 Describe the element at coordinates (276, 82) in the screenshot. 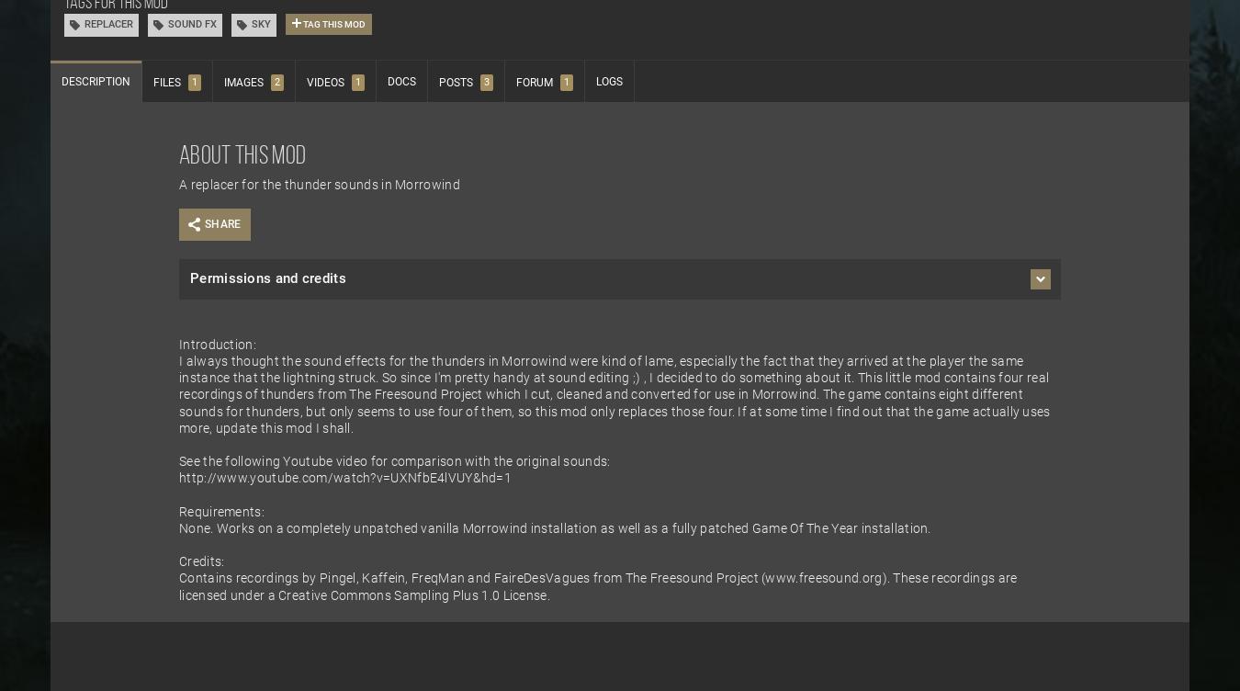

I see `'2'` at that location.